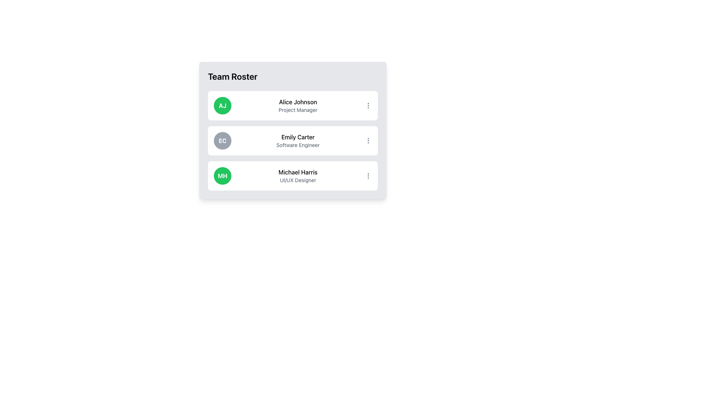 The height and width of the screenshot is (395, 703). I want to click on the Text block displaying the name and title of the individual, which is the second list item in the 'Team Roster' panel, positioned below 'Alice Johnson' and above 'Michael Harris.', so click(298, 141).